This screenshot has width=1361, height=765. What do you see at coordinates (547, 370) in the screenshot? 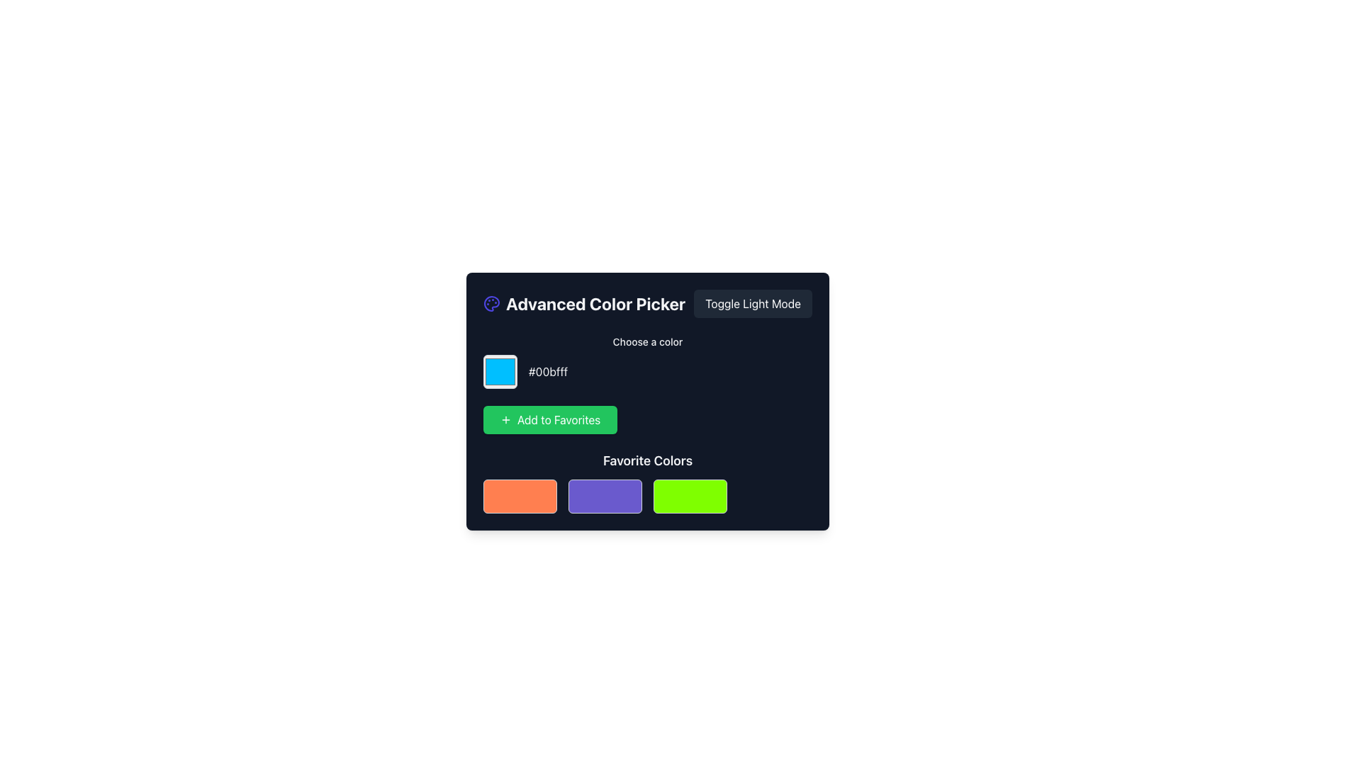
I see `the Text Label displaying the hexadecimal value of the color next to the color preview box` at bounding box center [547, 370].